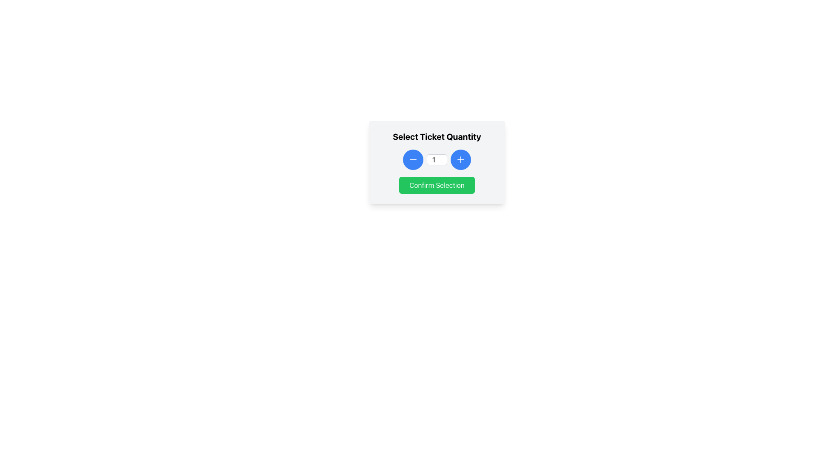 The width and height of the screenshot is (817, 459). Describe the element at coordinates (413, 159) in the screenshot. I see `the button that decreases the ticket quantity by one, located to the left of the number input field` at that location.